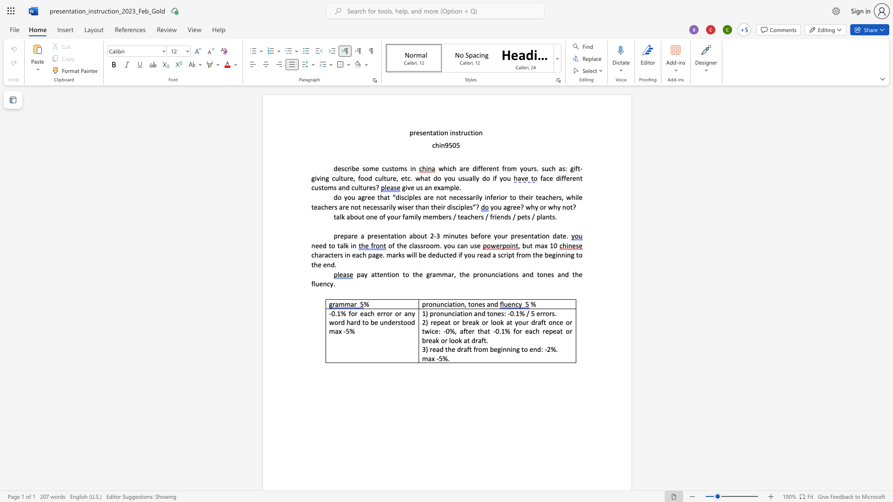 The image size is (893, 502). Describe the element at coordinates (410, 187) in the screenshot. I see `the space between the continuous character "v" and "e" in the text` at that location.